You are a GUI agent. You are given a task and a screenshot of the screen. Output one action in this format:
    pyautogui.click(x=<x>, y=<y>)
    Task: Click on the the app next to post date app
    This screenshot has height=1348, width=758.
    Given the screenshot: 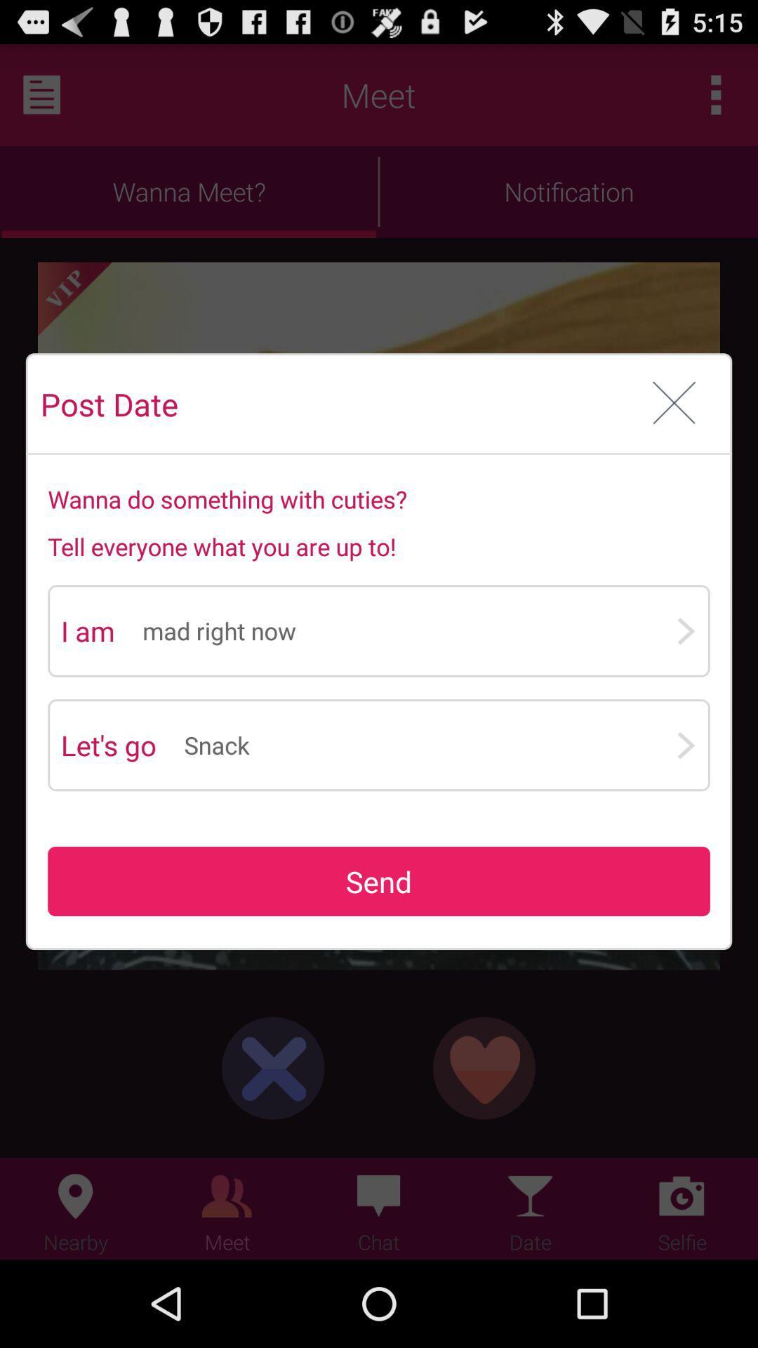 What is the action you would take?
    pyautogui.click(x=674, y=403)
    